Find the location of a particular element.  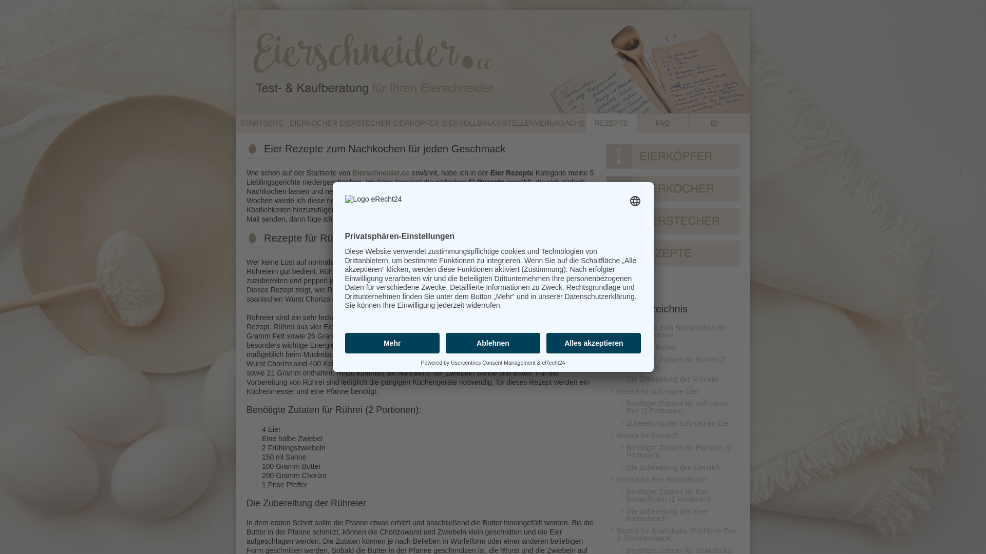

'Eierschneider.cc' is located at coordinates (380, 172).